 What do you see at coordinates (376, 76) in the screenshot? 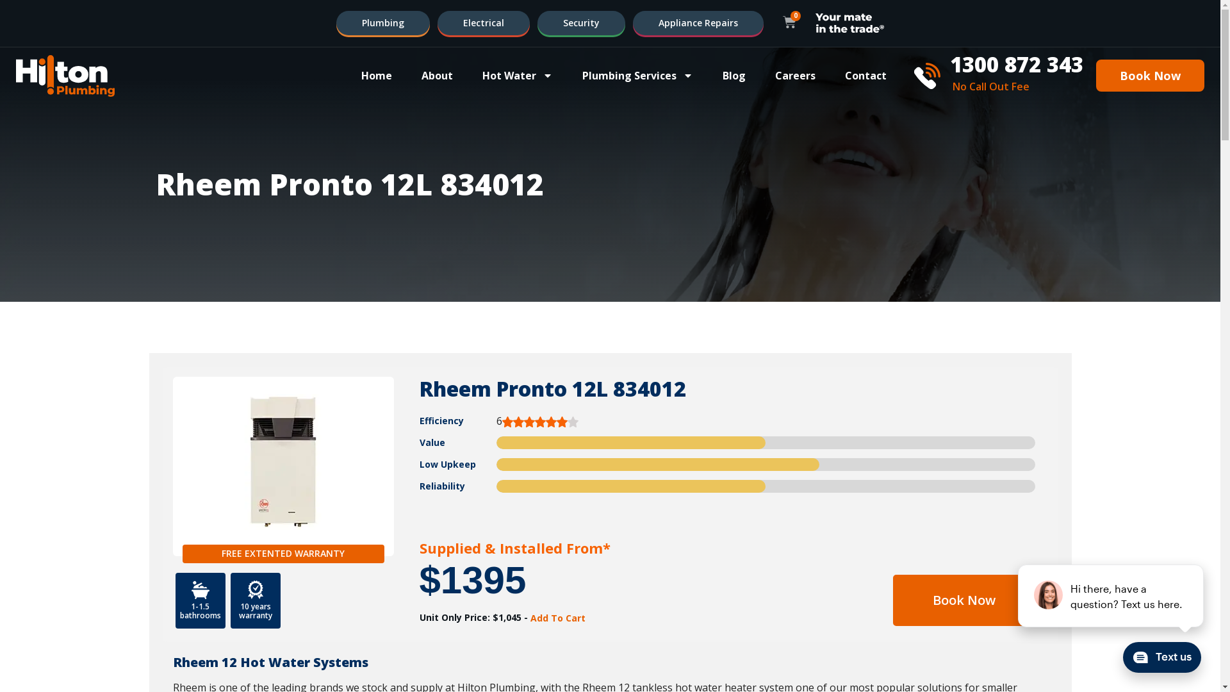
I see `'Home'` at bounding box center [376, 76].